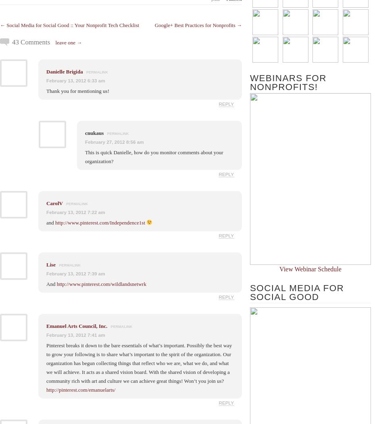 The image size is (375, 424). What do you see at coordinates (310, 269) in the screenshot?
I see `'View Webinar Schedule'` at bounding box center [310, 269].